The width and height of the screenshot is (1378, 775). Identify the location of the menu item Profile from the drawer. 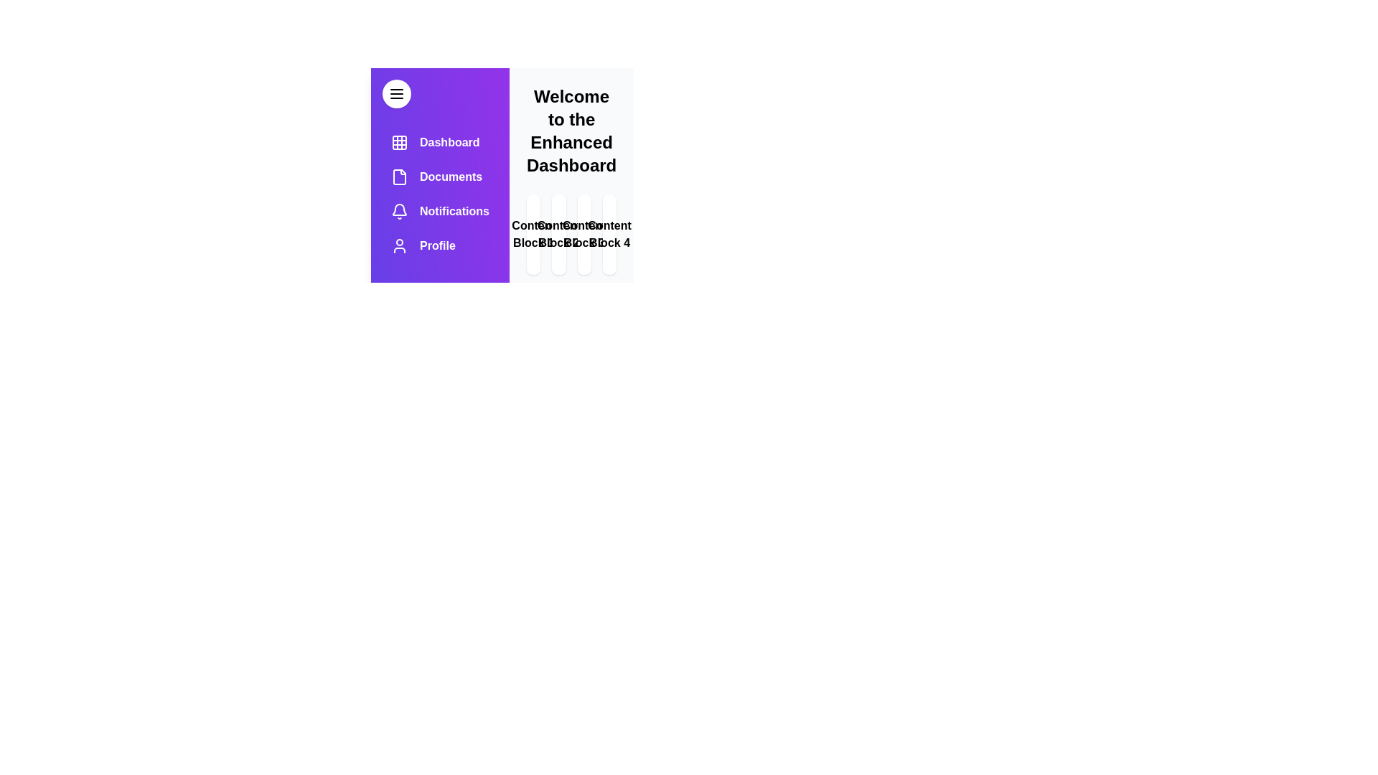
(439, 245).